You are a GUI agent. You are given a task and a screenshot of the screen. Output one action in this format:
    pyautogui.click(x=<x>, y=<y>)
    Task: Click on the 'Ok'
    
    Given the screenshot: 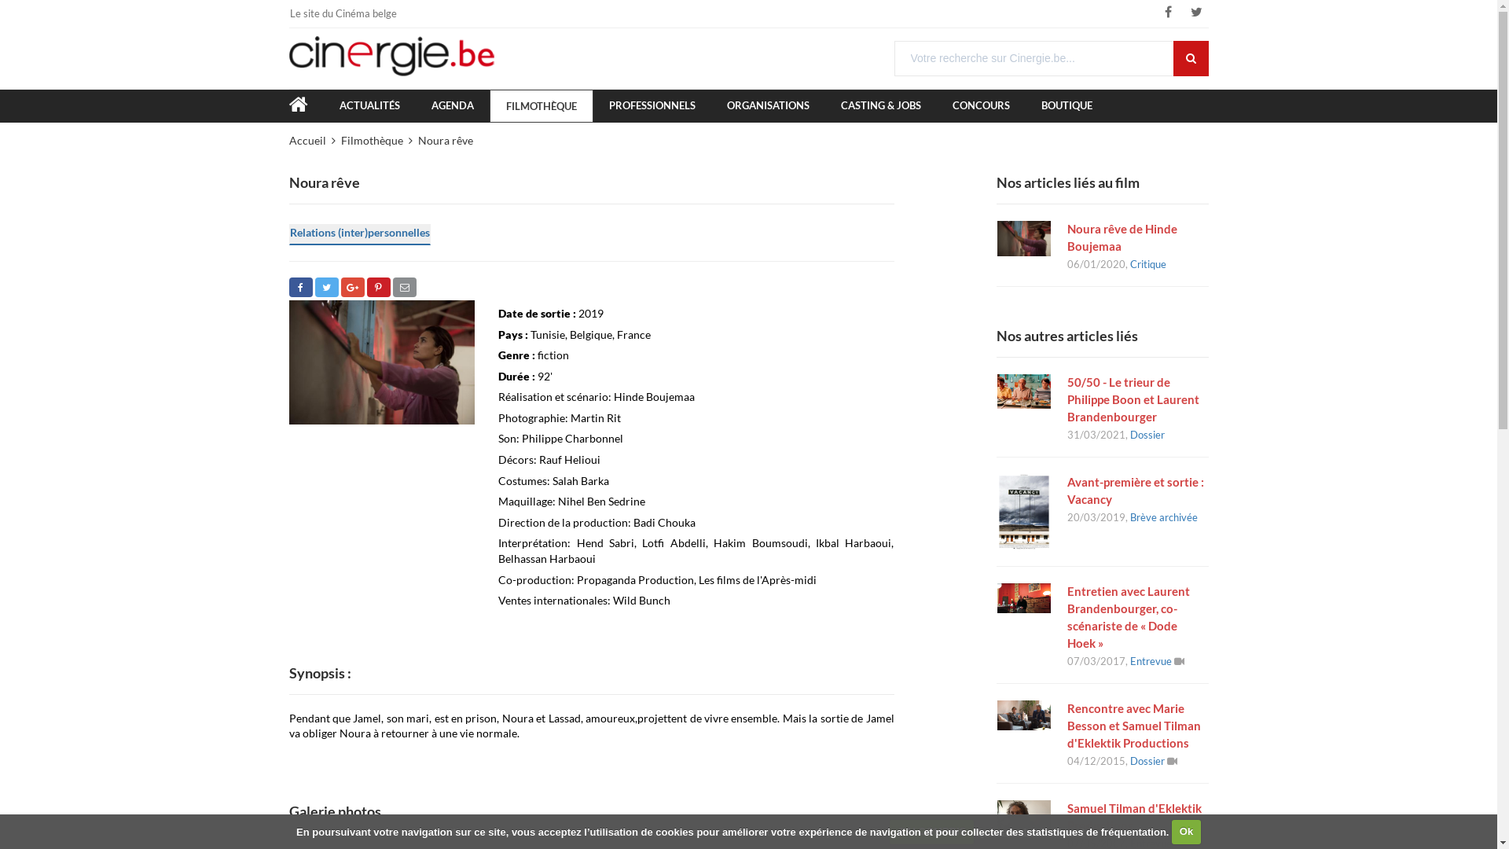 What is the action you would take?
    pyautogui.click(x=1186, y=830)
    